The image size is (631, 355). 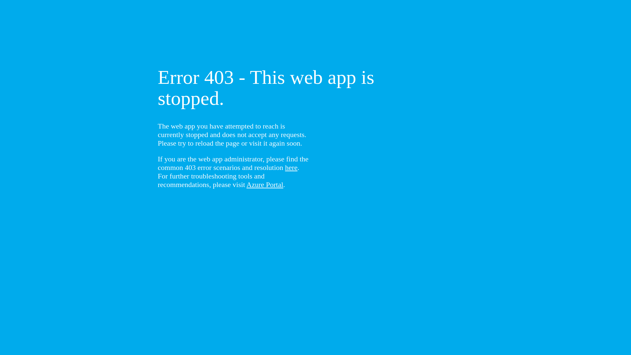 What do you see at coordinates (285, 167) in the screenshot?
I see `'here'` at bounding box center [285, 167].